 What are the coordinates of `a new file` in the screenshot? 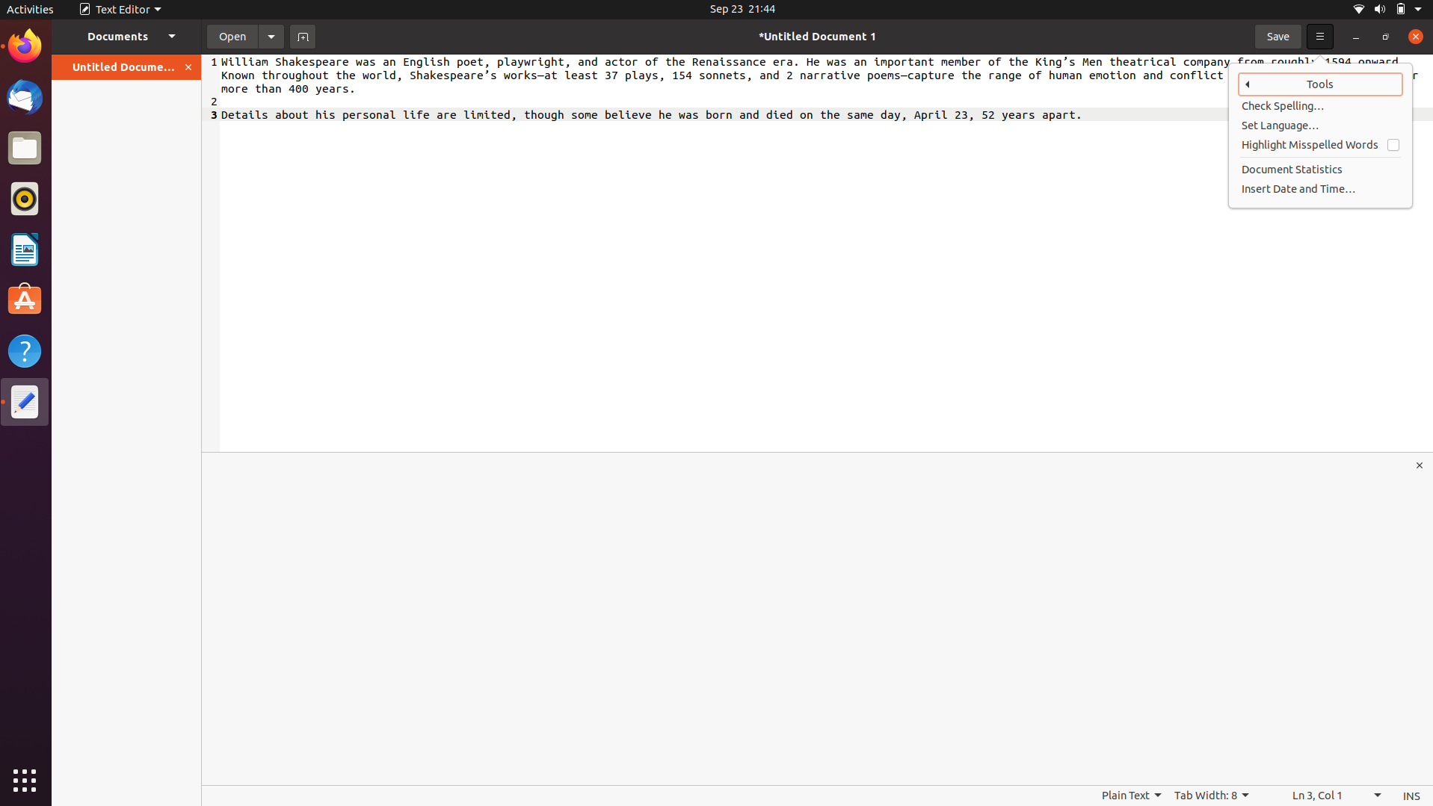 It's located at (302, 35).